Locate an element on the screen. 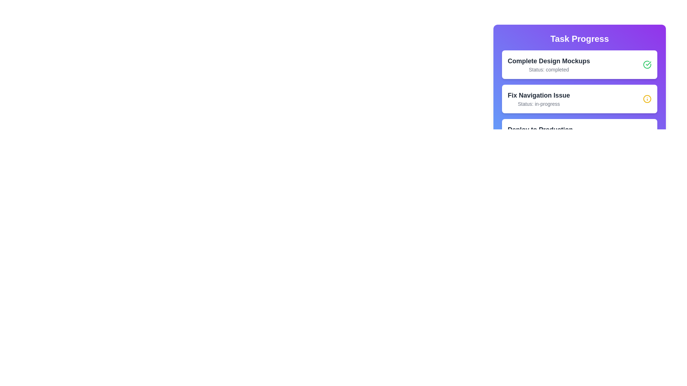 This screenshot has width=687, height=386. the status icon corresponding to the task Complete Design Mockups is located at coordinates (647, 65).